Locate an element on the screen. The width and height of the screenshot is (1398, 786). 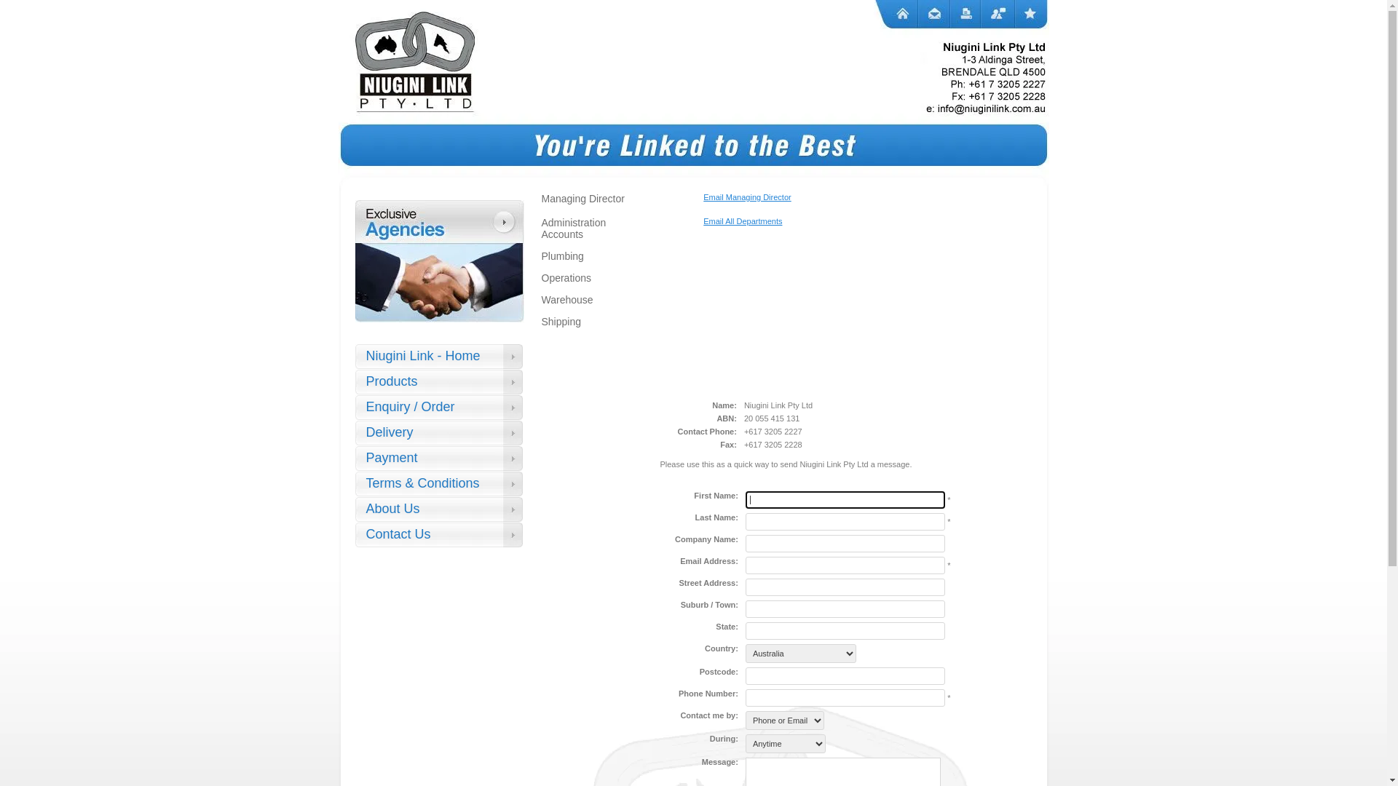
'Terms & Conditions' is located at coordinates (438, 484).